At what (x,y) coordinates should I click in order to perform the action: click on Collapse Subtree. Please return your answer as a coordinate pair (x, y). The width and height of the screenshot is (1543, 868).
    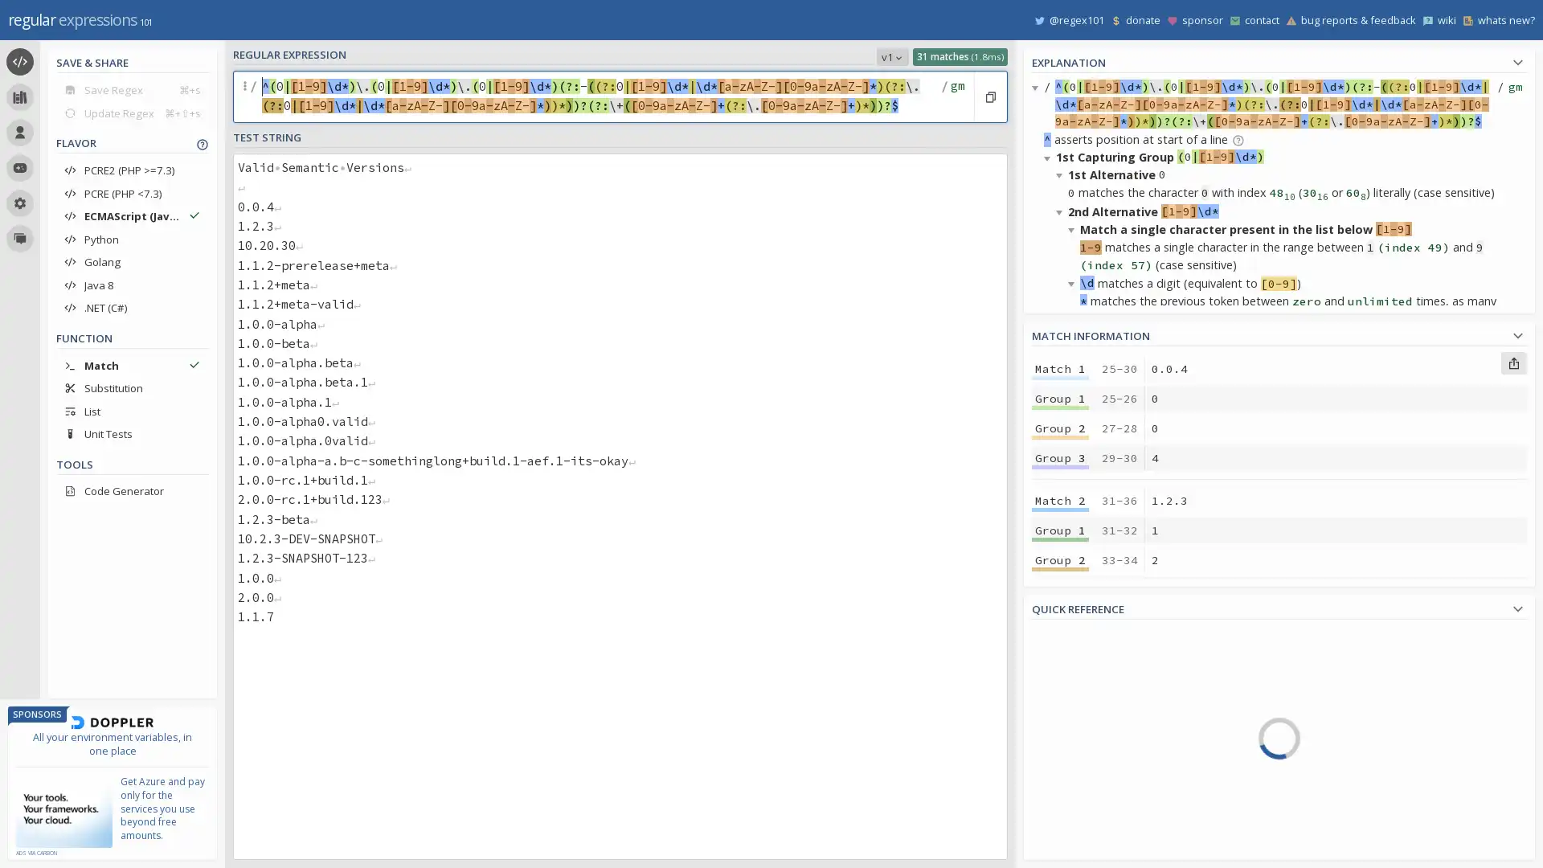
    Looking at the image, I should click on (1074, 281).